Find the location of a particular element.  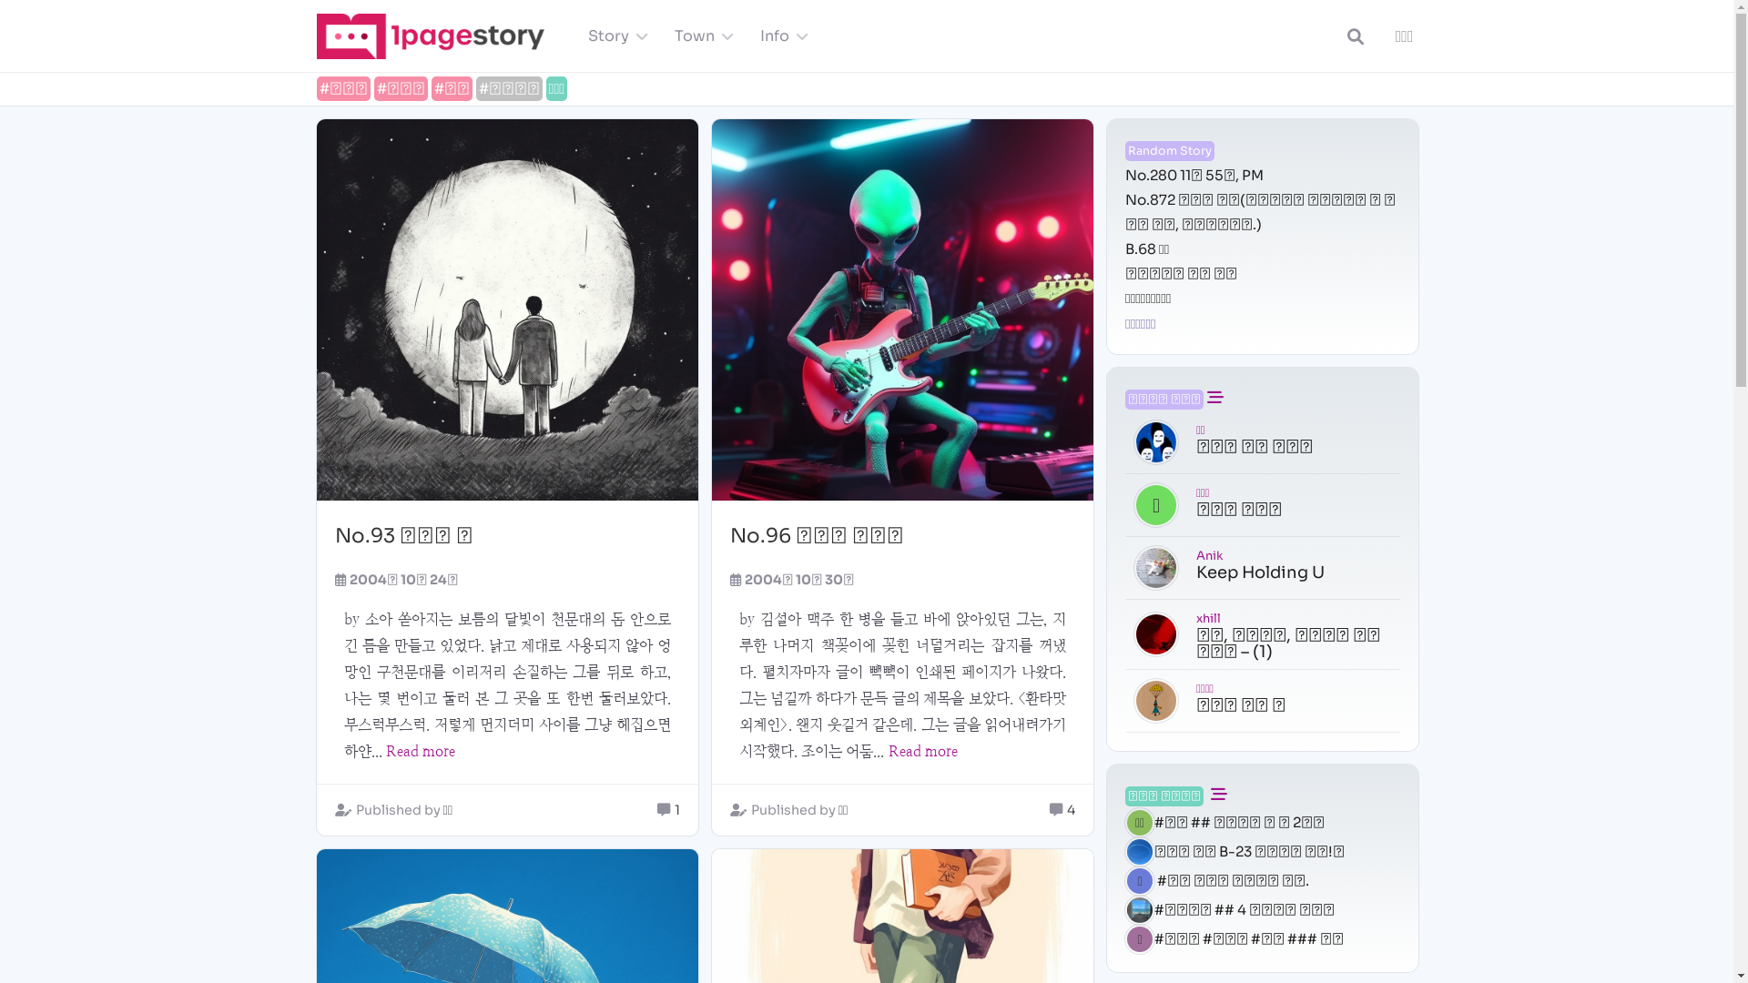

'Story' is located at coordinates (568, 35).